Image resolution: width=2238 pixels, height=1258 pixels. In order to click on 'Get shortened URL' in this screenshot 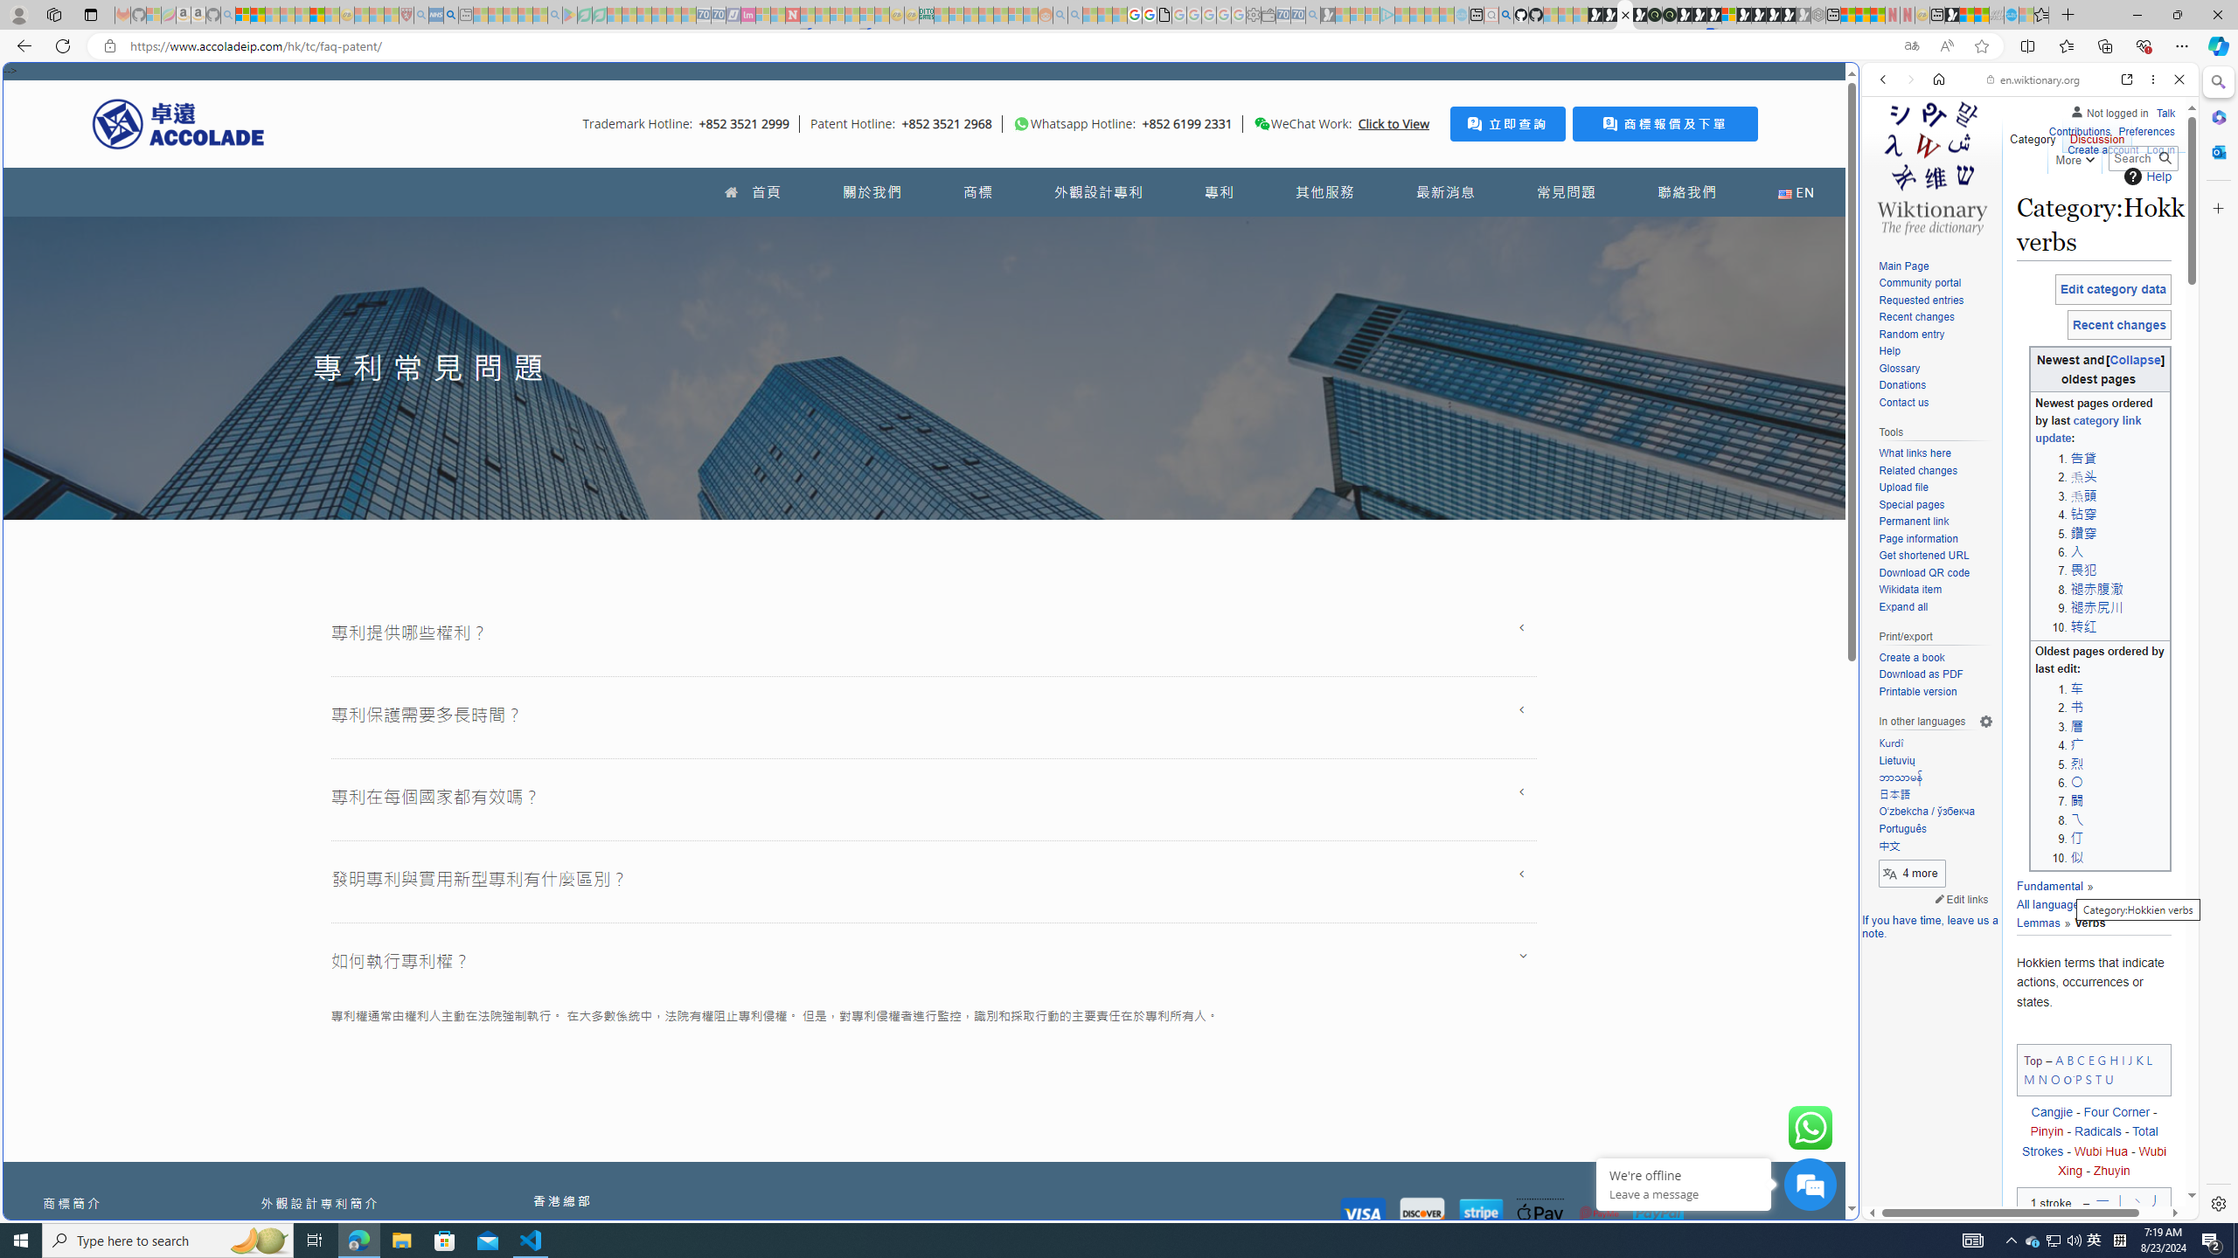, I will do `click(1923, 555)`.